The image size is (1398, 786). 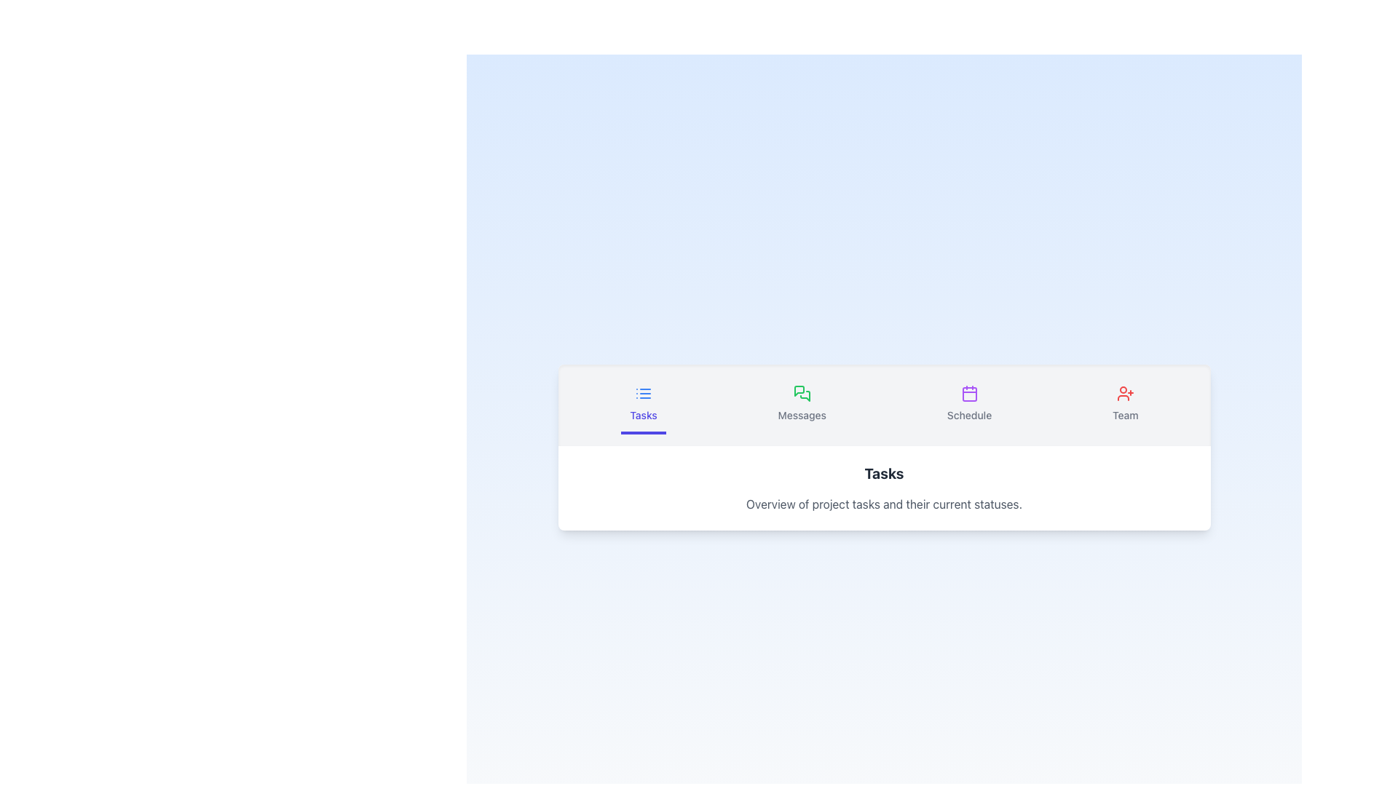 What do you see at coordinates (969, 393) in the screenshot?
I see `the purple calendar icon in the navigation bar` at bounding box center [969, 393].